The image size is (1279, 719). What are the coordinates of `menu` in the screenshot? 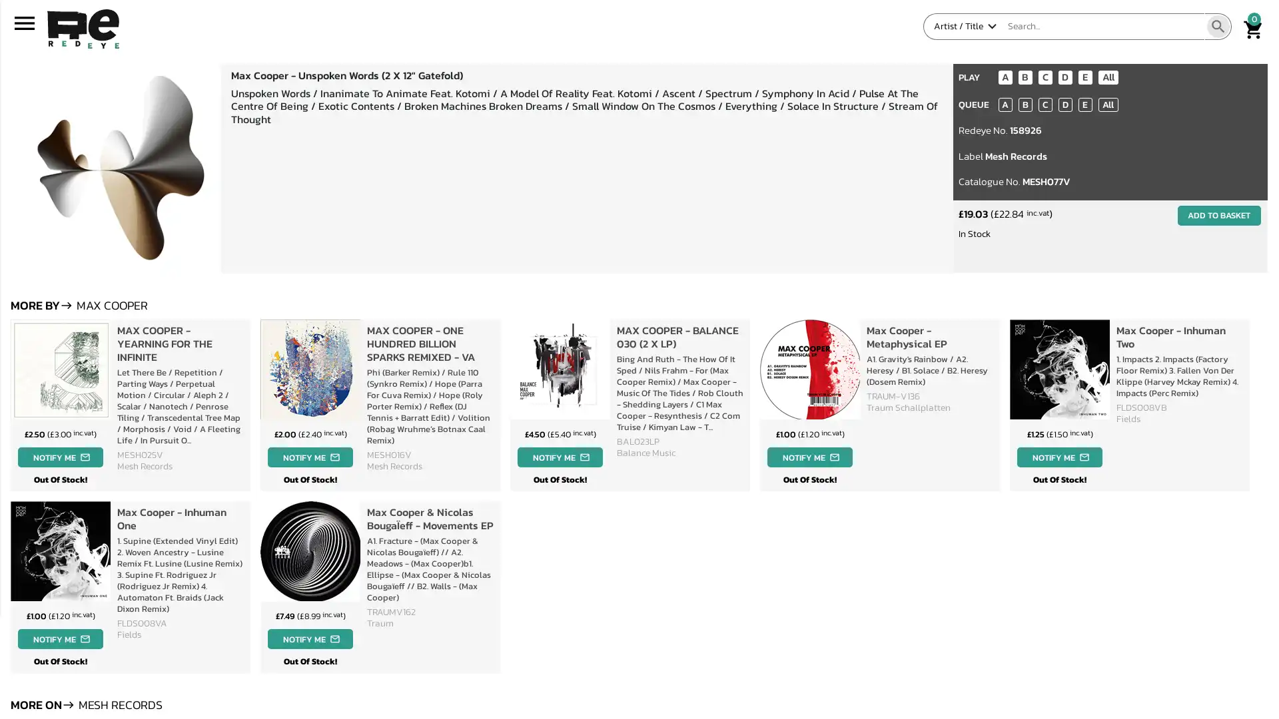 It's located at (25, 26).